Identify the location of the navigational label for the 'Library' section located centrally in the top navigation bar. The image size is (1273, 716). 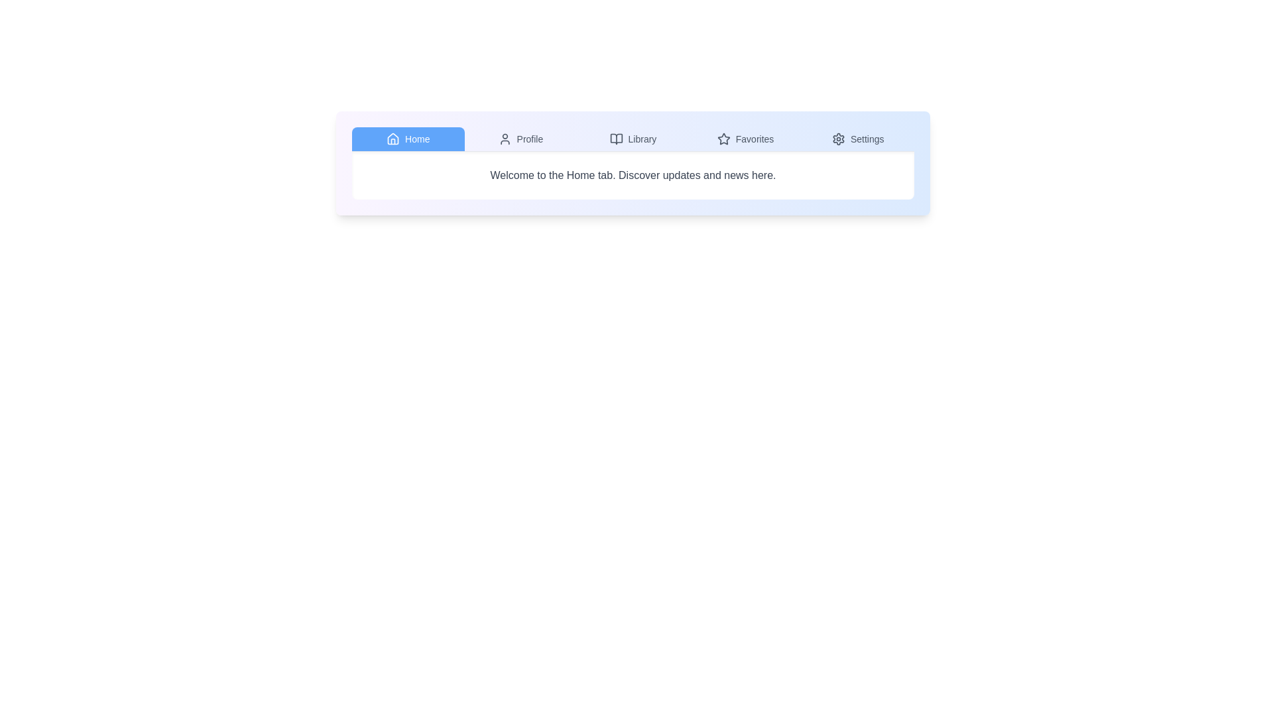
(642, 139).